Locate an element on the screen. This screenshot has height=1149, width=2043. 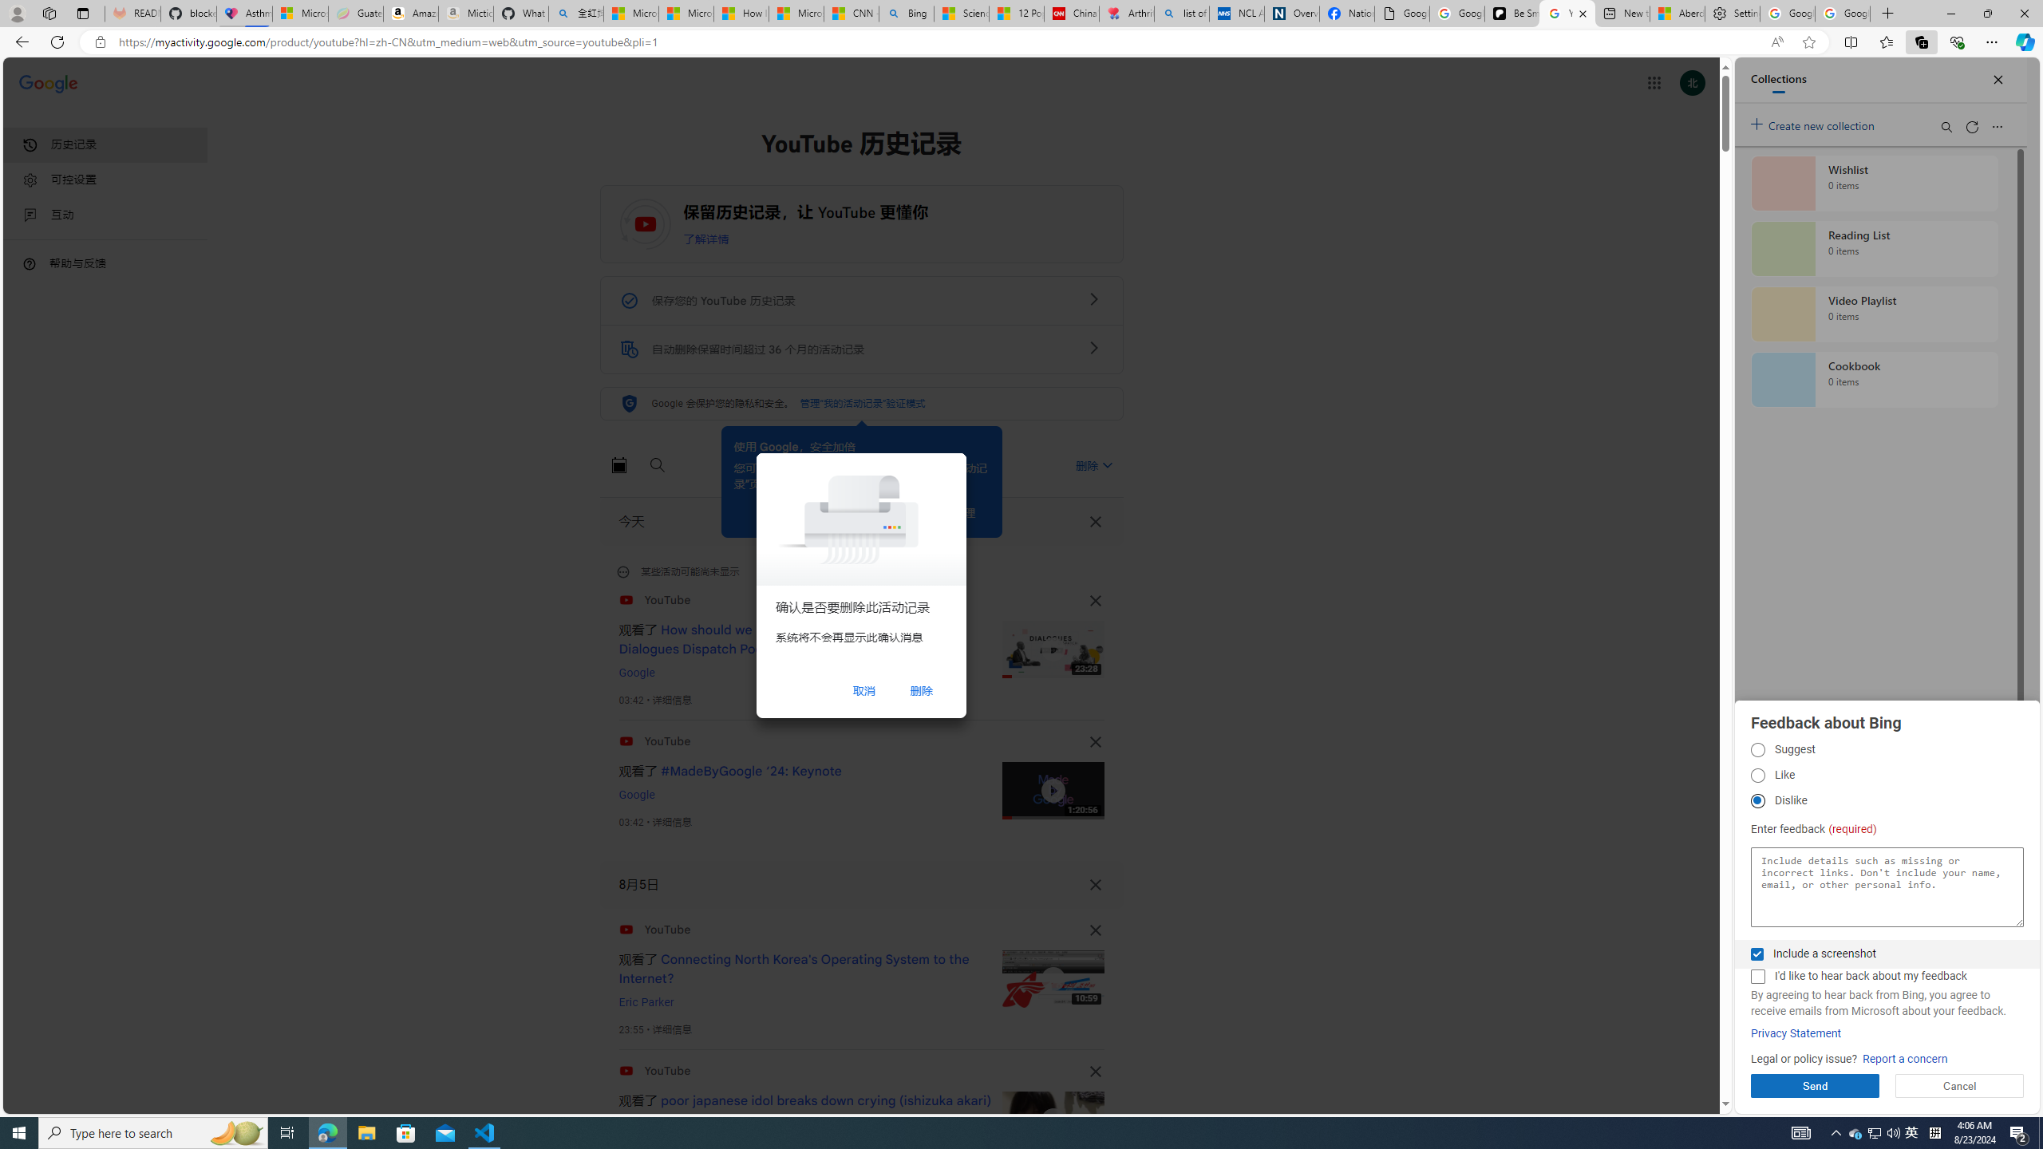
'NCL Adult Asthma Inhaler Choice Guideline' is located at coordinates (1236, 13).